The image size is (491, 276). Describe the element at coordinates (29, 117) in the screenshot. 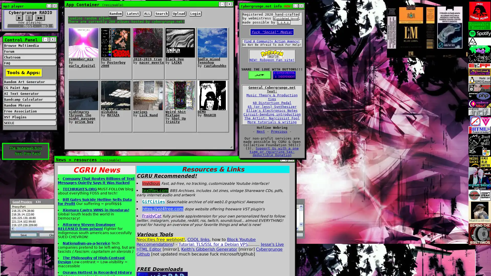

I see `VST Plugins` at that location.